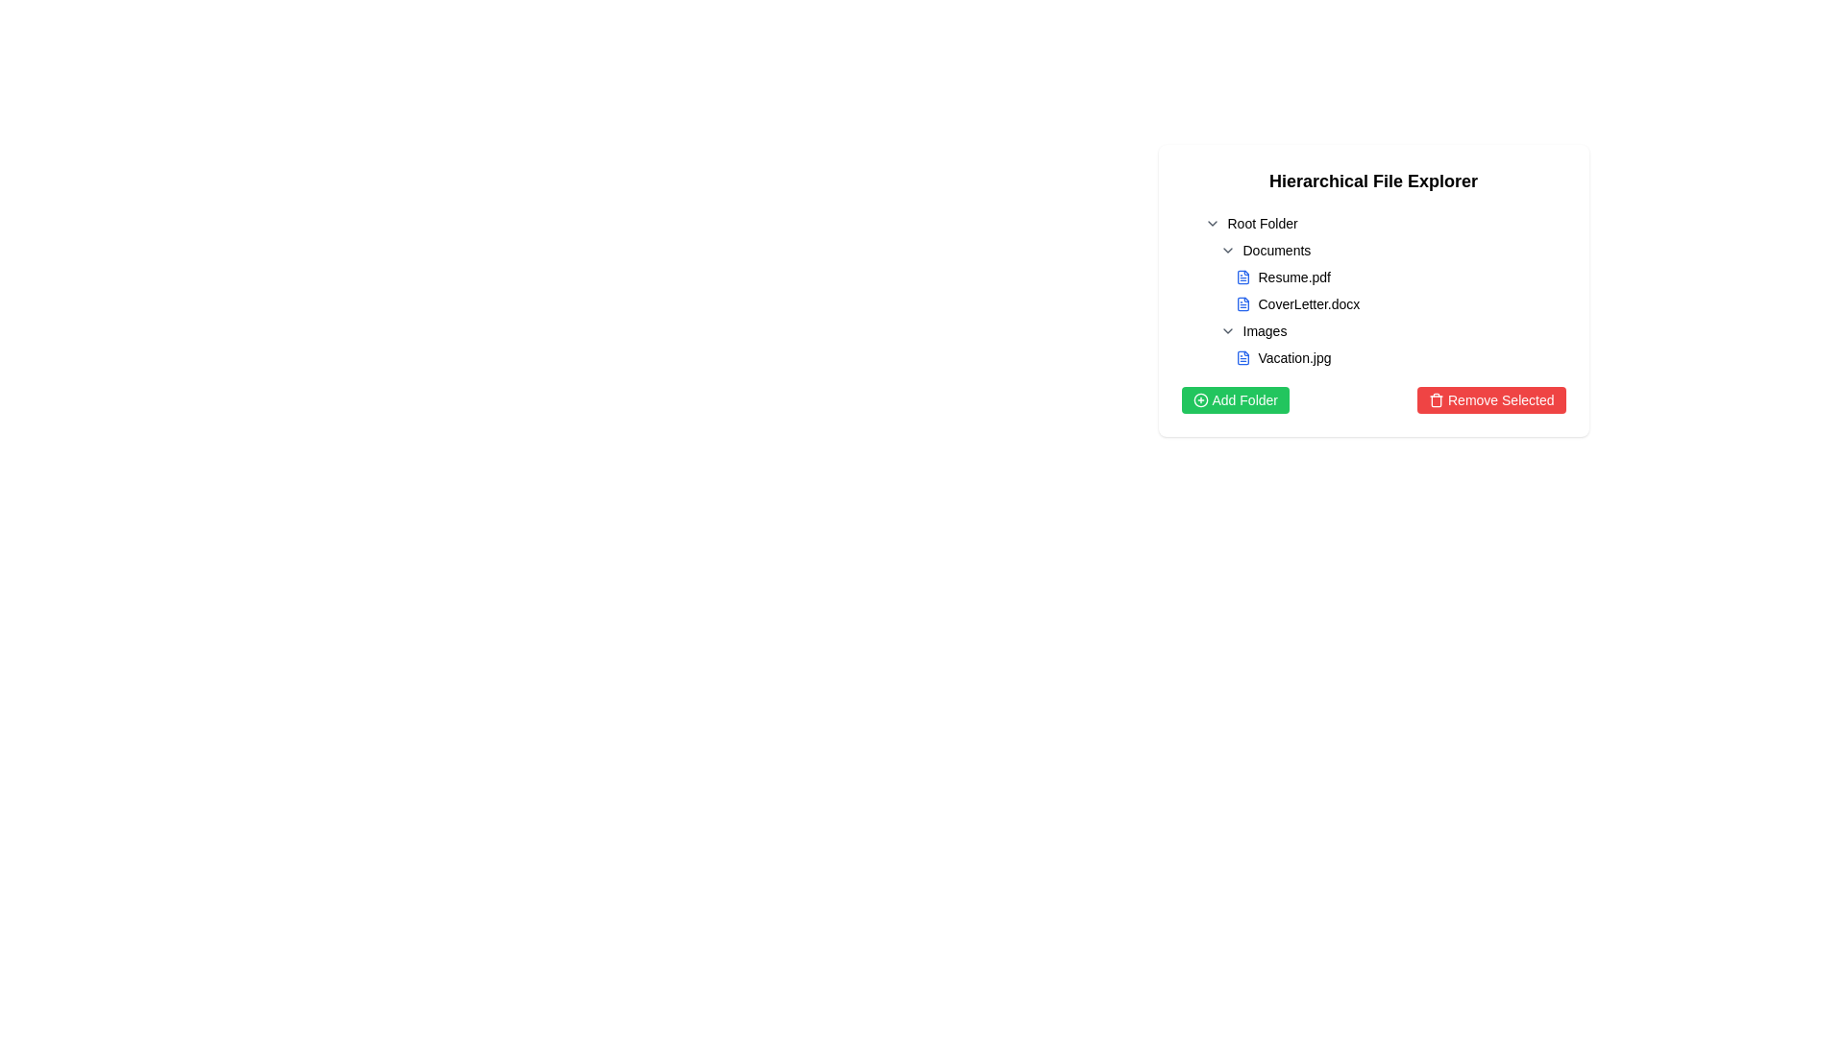 This screenshot has width=1845, height=1037. I want to click on the file entry labeled 'Vacation.jpg' located under the 'Images' folder, so click(1389, 343).